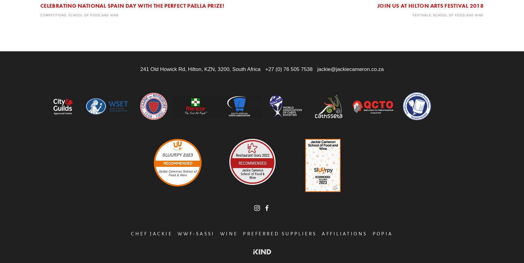 The image size is (524, 263). Describe the element at coordinates (132, 6) in the screenshot. I see `'Celebrating National Spain Day with the Perfect Paella Prize!'` at that location.